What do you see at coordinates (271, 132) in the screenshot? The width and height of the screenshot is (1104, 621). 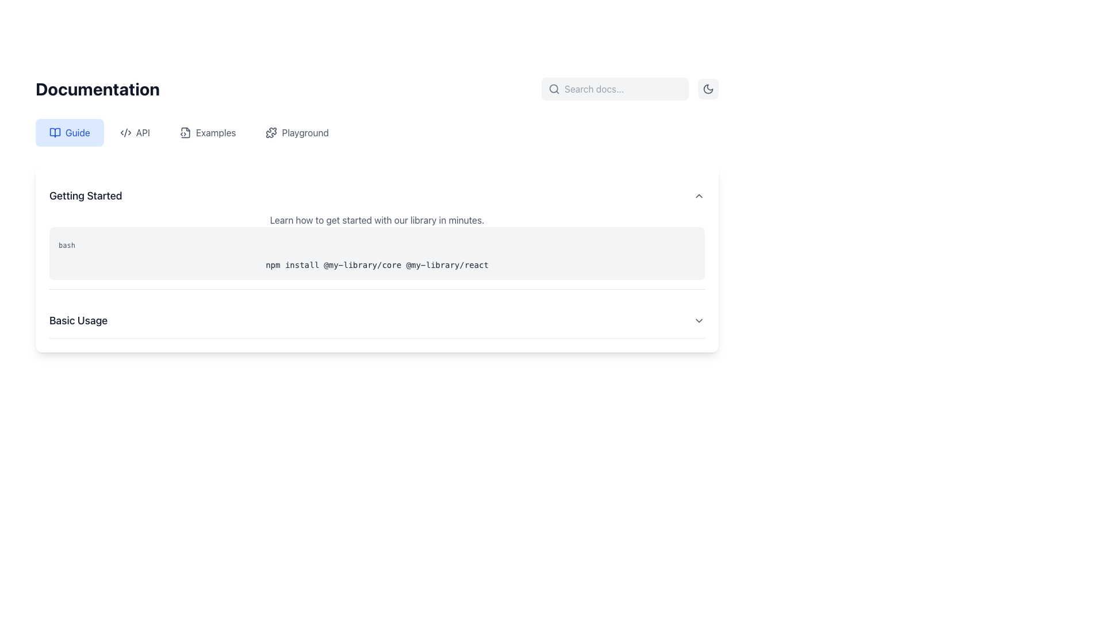 I see `the decorative icon that visually distinguishes the 'Playground' section in the navigation area, located to the left of the 'Playground' label` at bounding box center [271, 132].